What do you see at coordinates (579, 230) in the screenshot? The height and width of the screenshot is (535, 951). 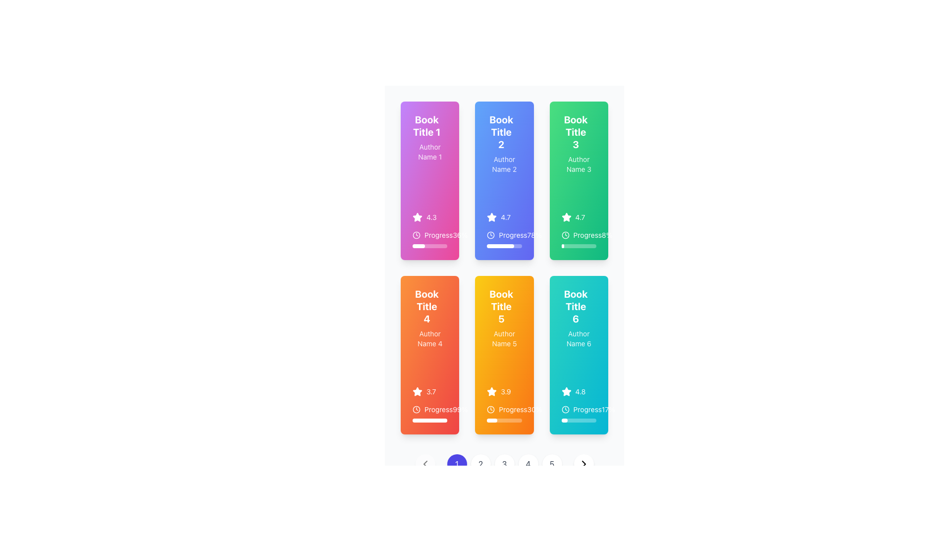 I see `the progress indicator labeled 'Progress' with '8%' text on the green card titled 'Book Title 3' located in the top-right area of the interface` at bounding box center [579, 230].